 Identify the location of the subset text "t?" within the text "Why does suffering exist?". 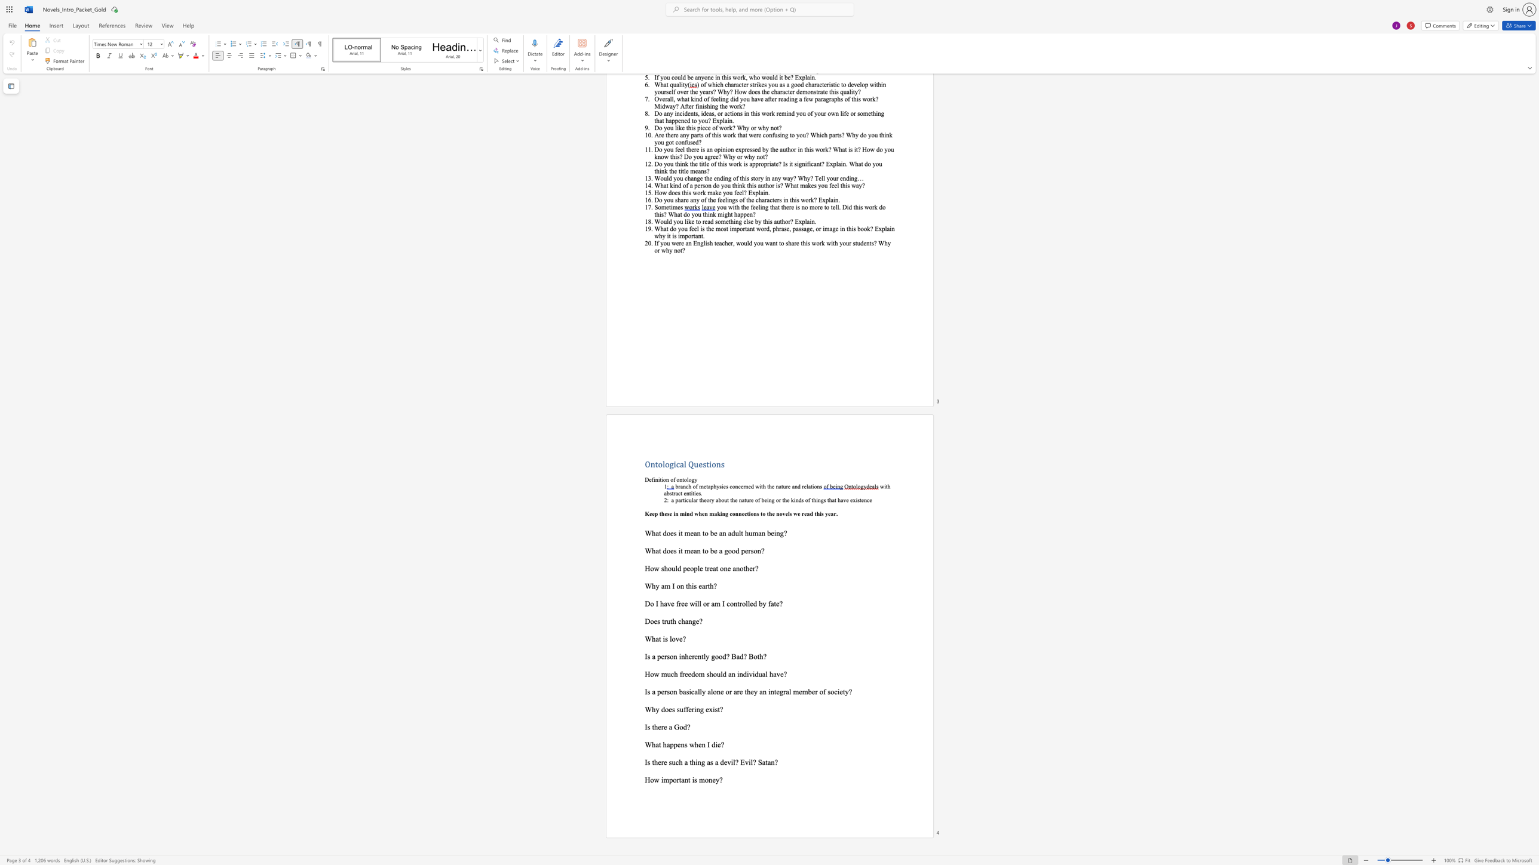
(717, 709).